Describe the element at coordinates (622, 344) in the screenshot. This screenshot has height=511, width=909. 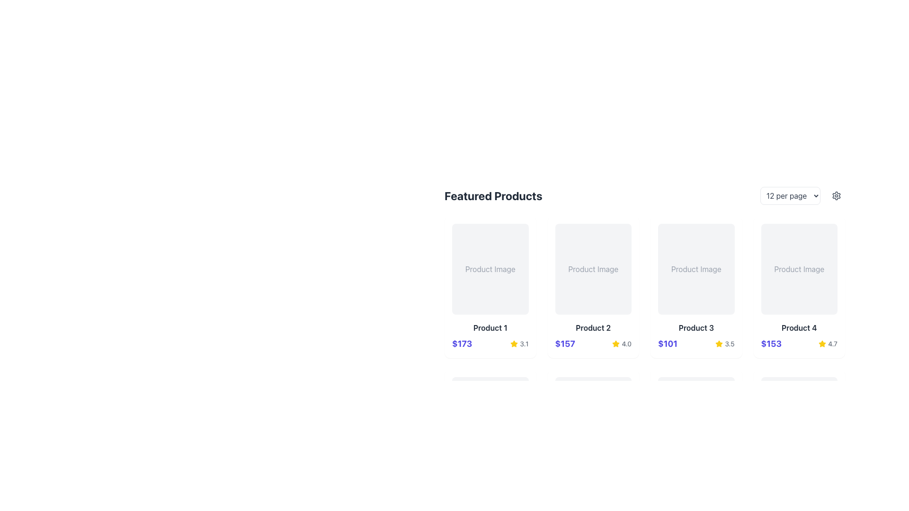
I see `the Rating Display with Icon and Text for 'Product 2' that shows a score of 4.0, located below the price of $157 in the second product card` at that location.